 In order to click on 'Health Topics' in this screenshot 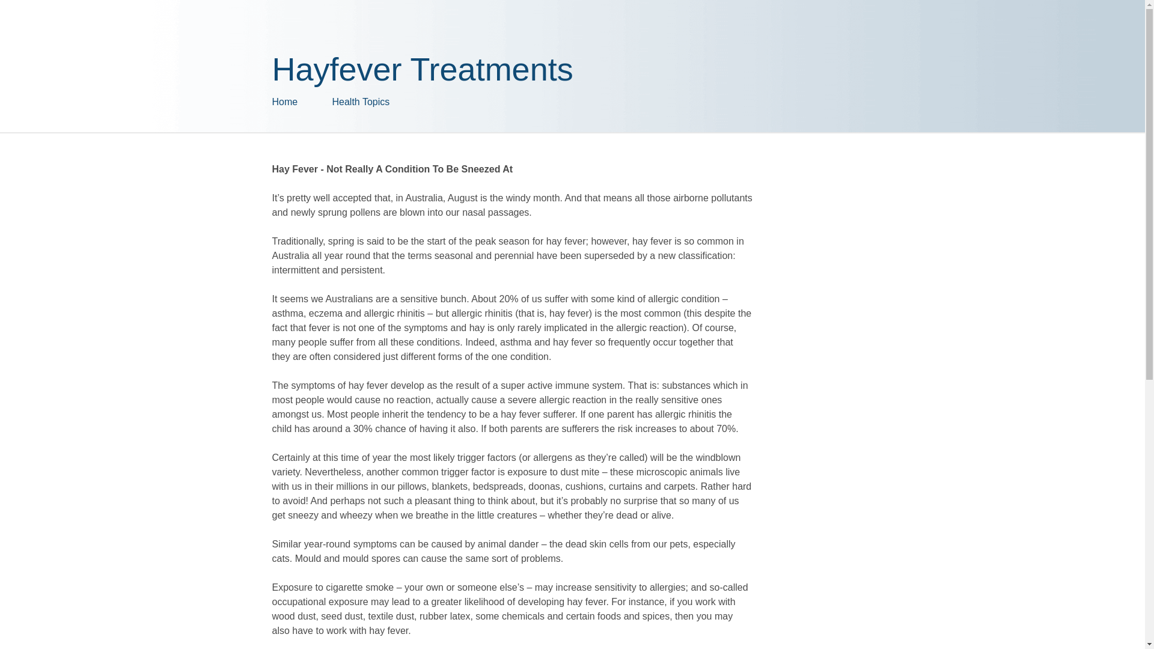, I will do `click(332, 101)`.